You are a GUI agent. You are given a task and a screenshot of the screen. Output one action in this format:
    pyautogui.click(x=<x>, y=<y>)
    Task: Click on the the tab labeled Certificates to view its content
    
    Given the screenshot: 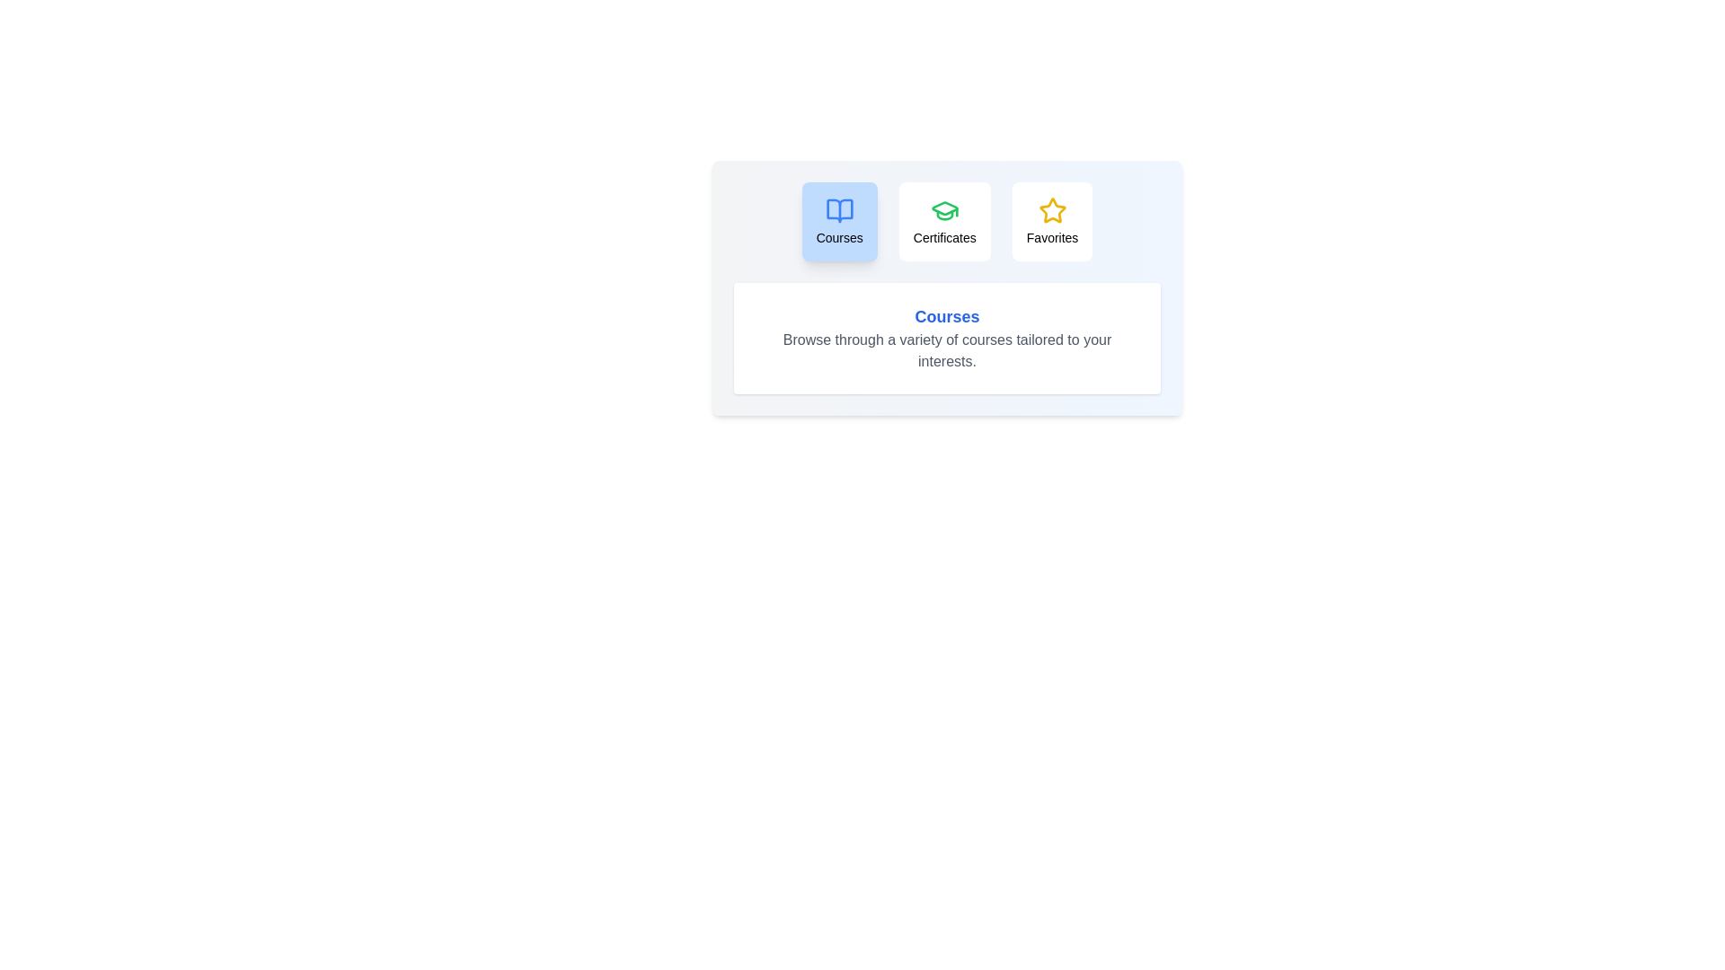 What is the action you would take?
    pyautogui.click(x=943, y=220)
    